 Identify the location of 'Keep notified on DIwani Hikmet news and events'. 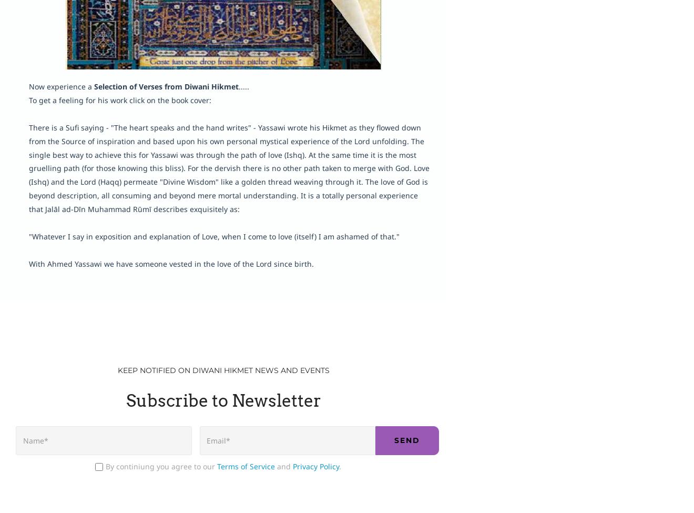
(222, 369).